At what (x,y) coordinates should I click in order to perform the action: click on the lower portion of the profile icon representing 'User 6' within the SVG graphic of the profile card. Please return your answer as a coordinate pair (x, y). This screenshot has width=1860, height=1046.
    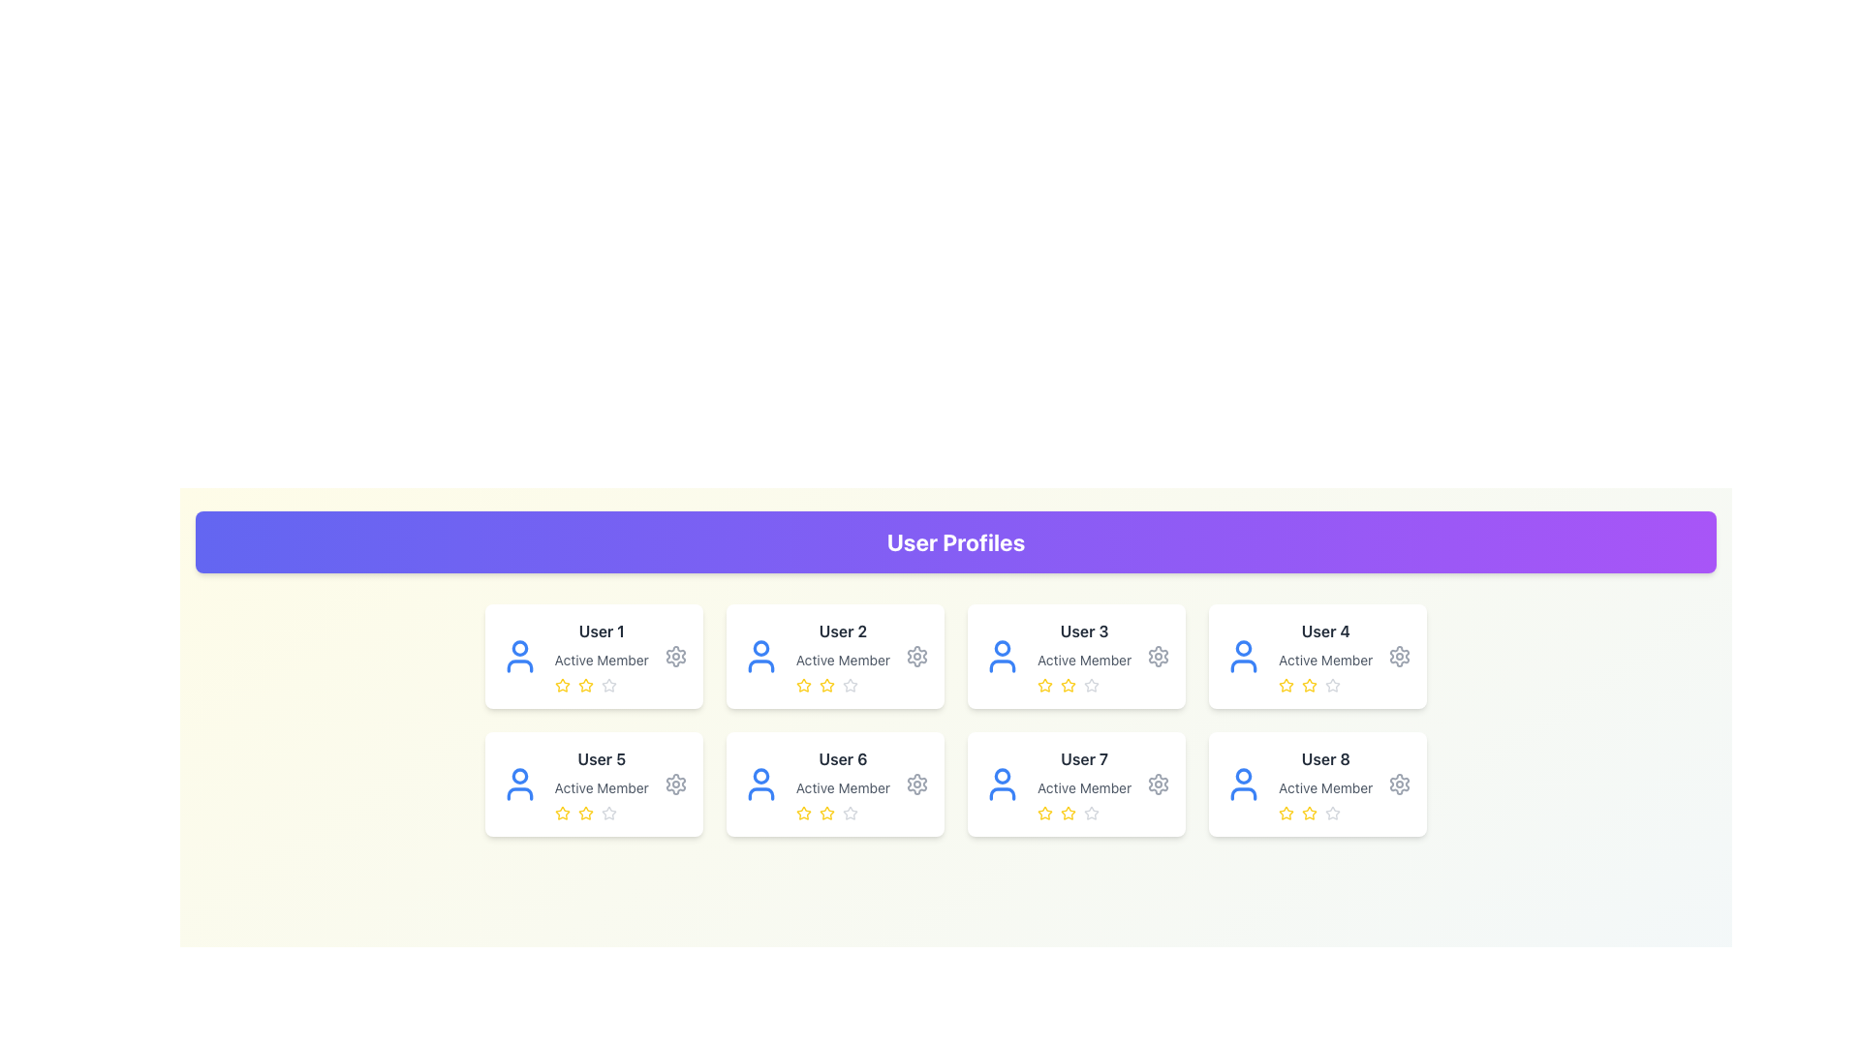
    Looking at the image, I should click on (759, 794).